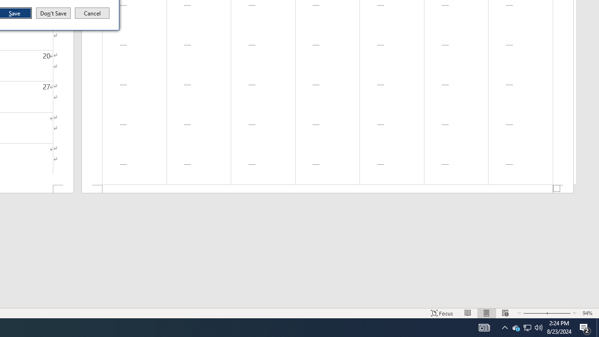 This screenshot has width=599, height=337. What do you see at coordinates (484, 327) in the screenshot?
I see `'AutomationID: 4105'` at bounding box center [484, 327].